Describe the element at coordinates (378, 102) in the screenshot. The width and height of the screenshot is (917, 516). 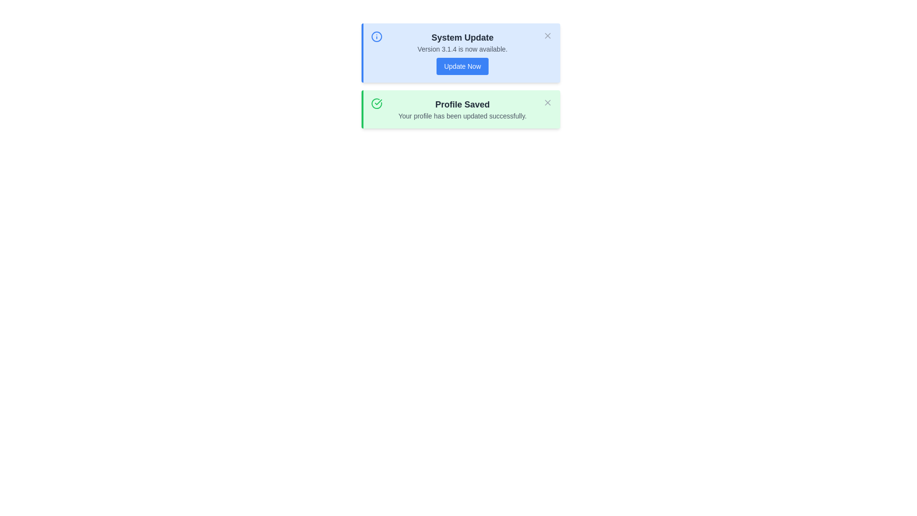
I see `the checkmark icon in the second notification box, which indicates success for the 'Profile Saved' notification` at that location.